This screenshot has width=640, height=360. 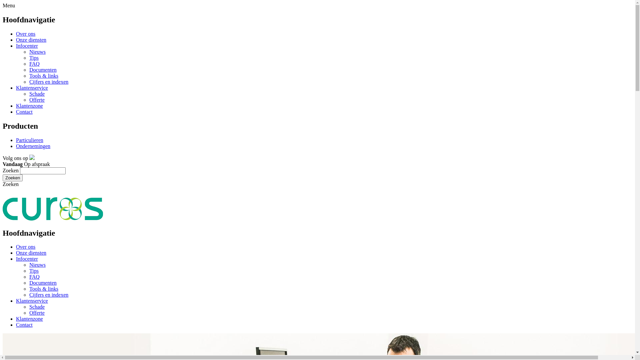 What do you see at coordinates (36, 313) in the screenshot?
I see `'Offerte'` at bounding box center [36, 313].